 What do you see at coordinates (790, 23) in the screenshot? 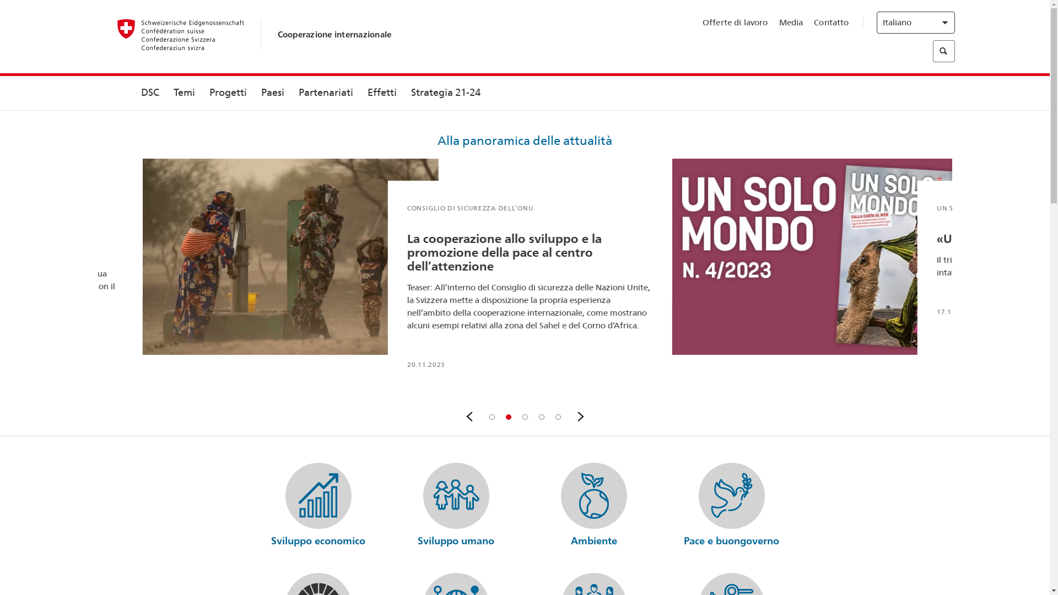
I see `'Media'` at bounding box center [790, 23].